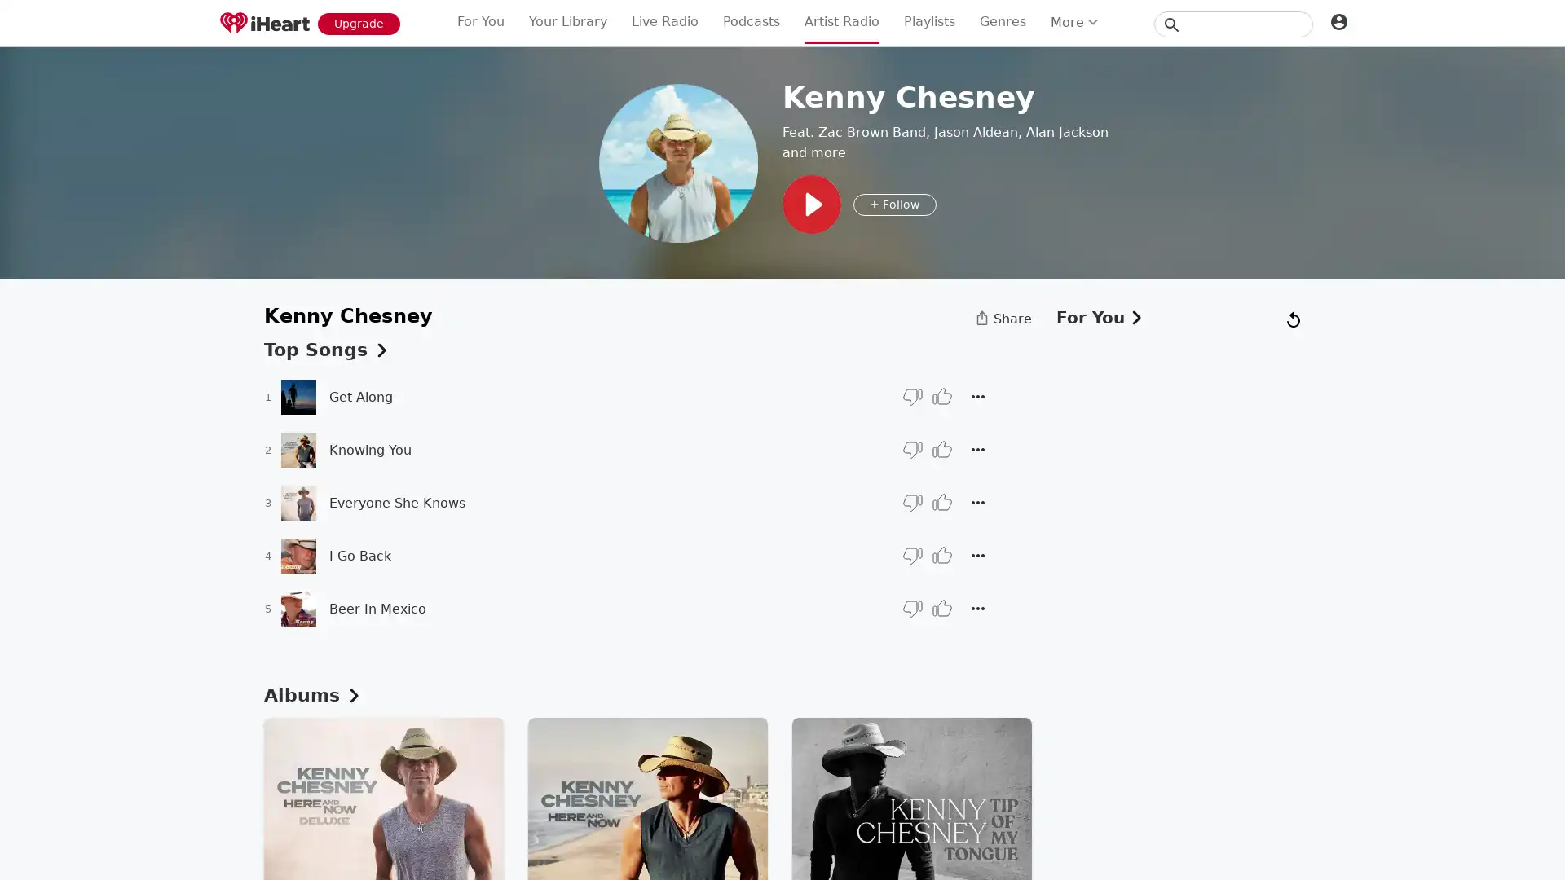 Image resolution: width=1565 pixels, height=880 pixels. Describe the element at coordinates (812, 203) in the screenshot. I see `Play Button` at that location.